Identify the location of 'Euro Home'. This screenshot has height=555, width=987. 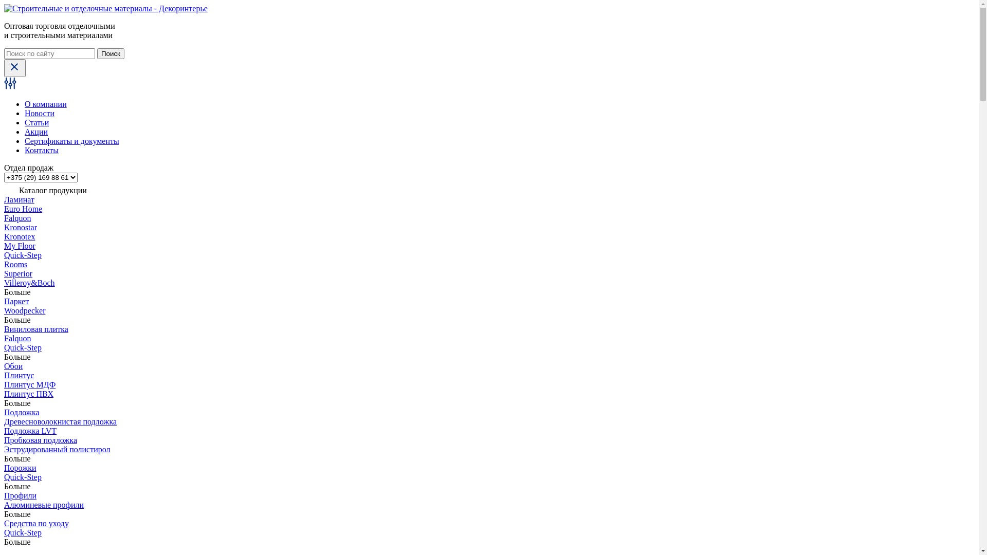
(23, 208).